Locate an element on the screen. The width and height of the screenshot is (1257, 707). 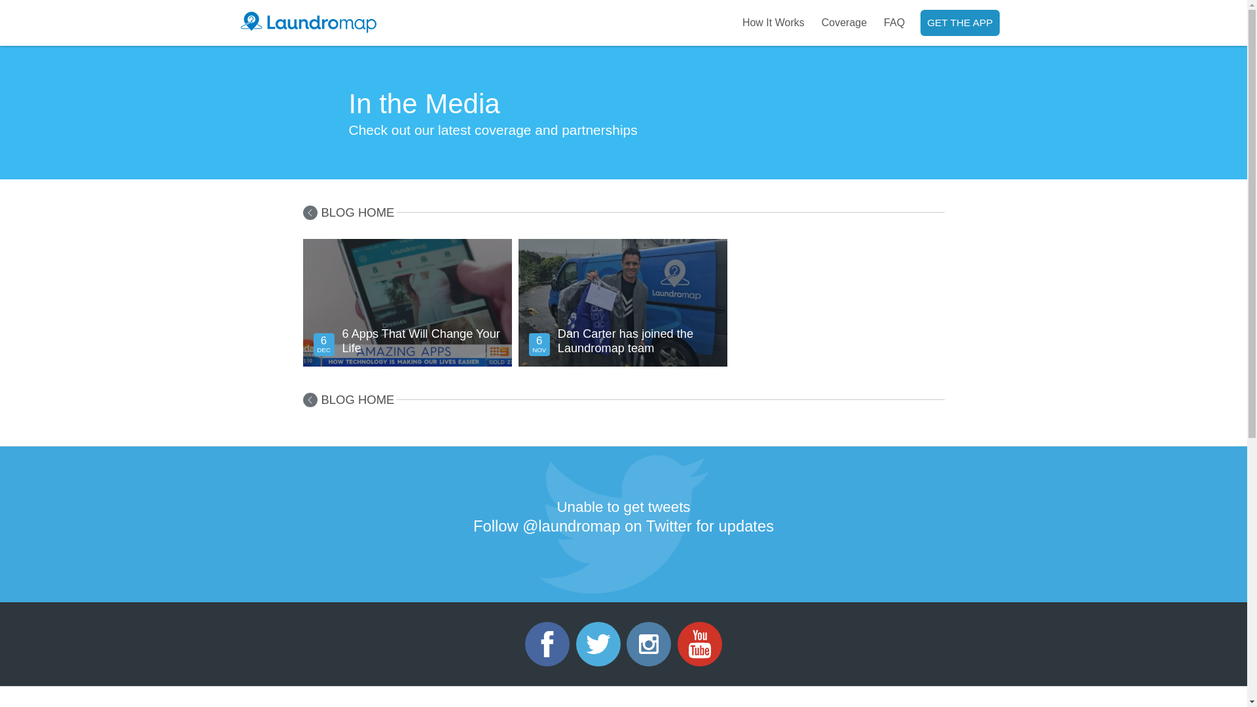
'GET THE APP' is located at coordinates (959, 22).